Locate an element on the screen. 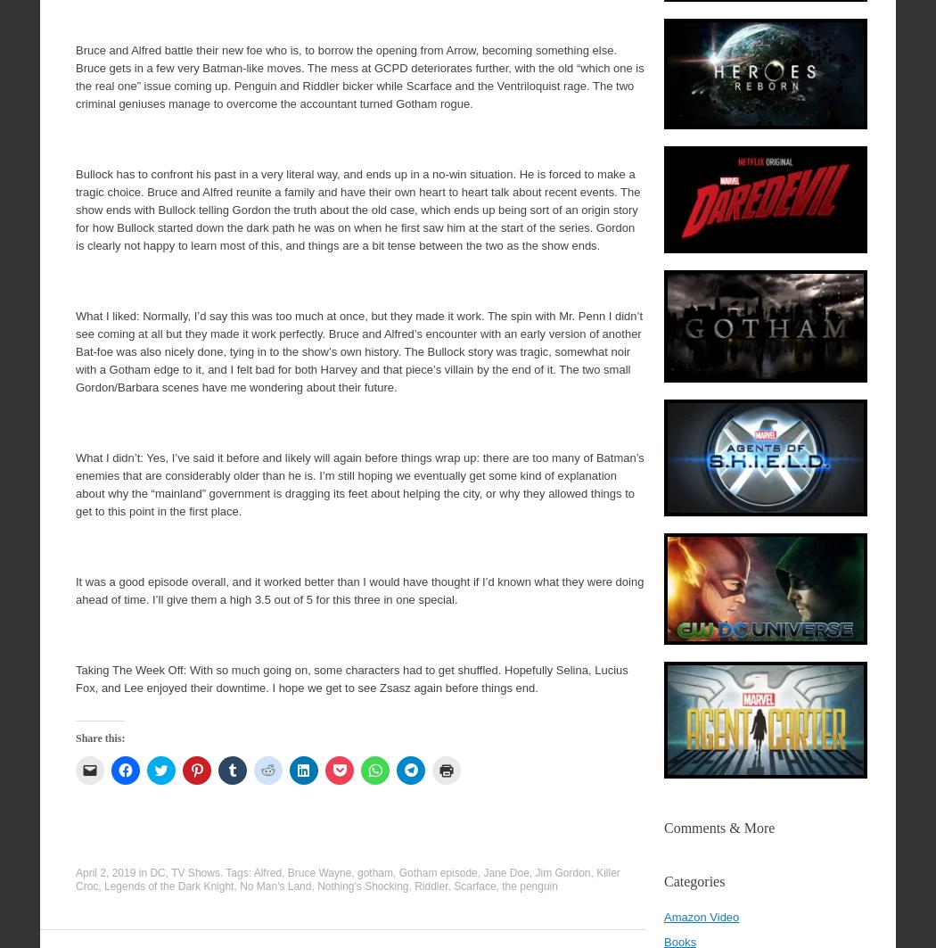  'Bruce and Alfred battle their new foe who is, to borrow the opening from Arrow, becoming something else. Bruce gets in a few very Batman-like moves. The mess at GCPD deteriorates further, with the old “which one is the real one” issue coming up. Penguin and Riddler bicker while Scarface and the Ventriloquist rage. The two criminal geniuses manage to overcome the accountant turned Gotham rogue.' is located at coordinates (359, 77).